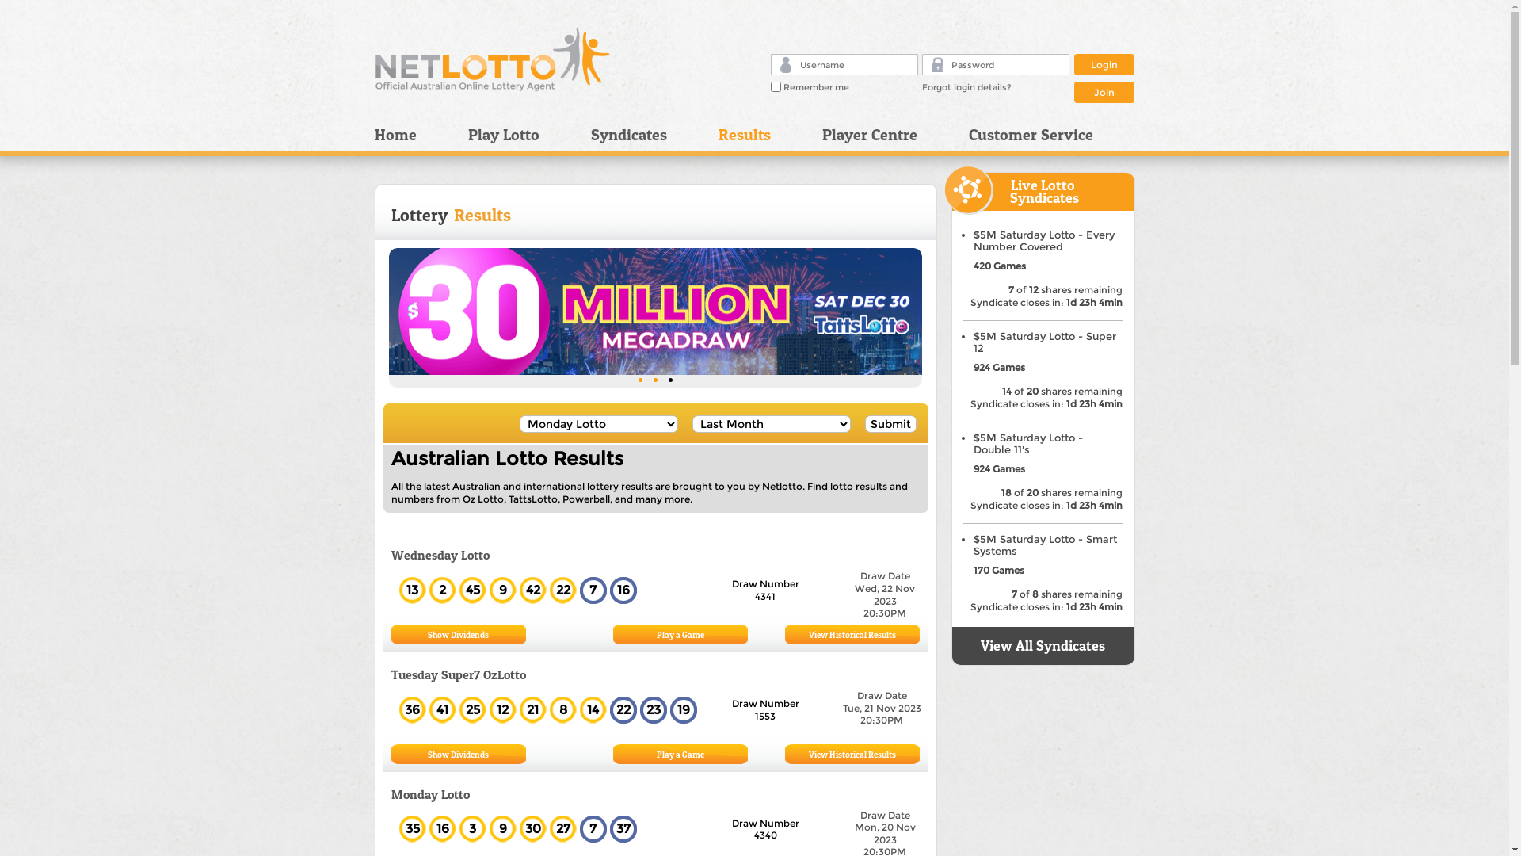 The height and width of the screenshot is (856, 1521). Describe the element at coordinates (680, 633) in the screenshot. I see `'Play a Game'` at that location.